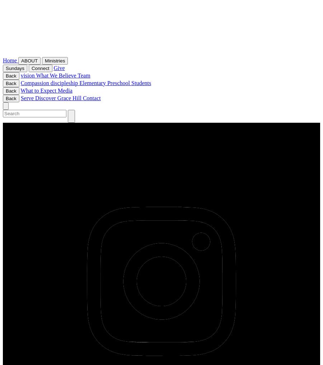 The width and height of the screenshot is (323, 365). What do you see at coordinates (93, 82) in the screenshot?
I see `'Elementary'` at bounding box center [93, 82].